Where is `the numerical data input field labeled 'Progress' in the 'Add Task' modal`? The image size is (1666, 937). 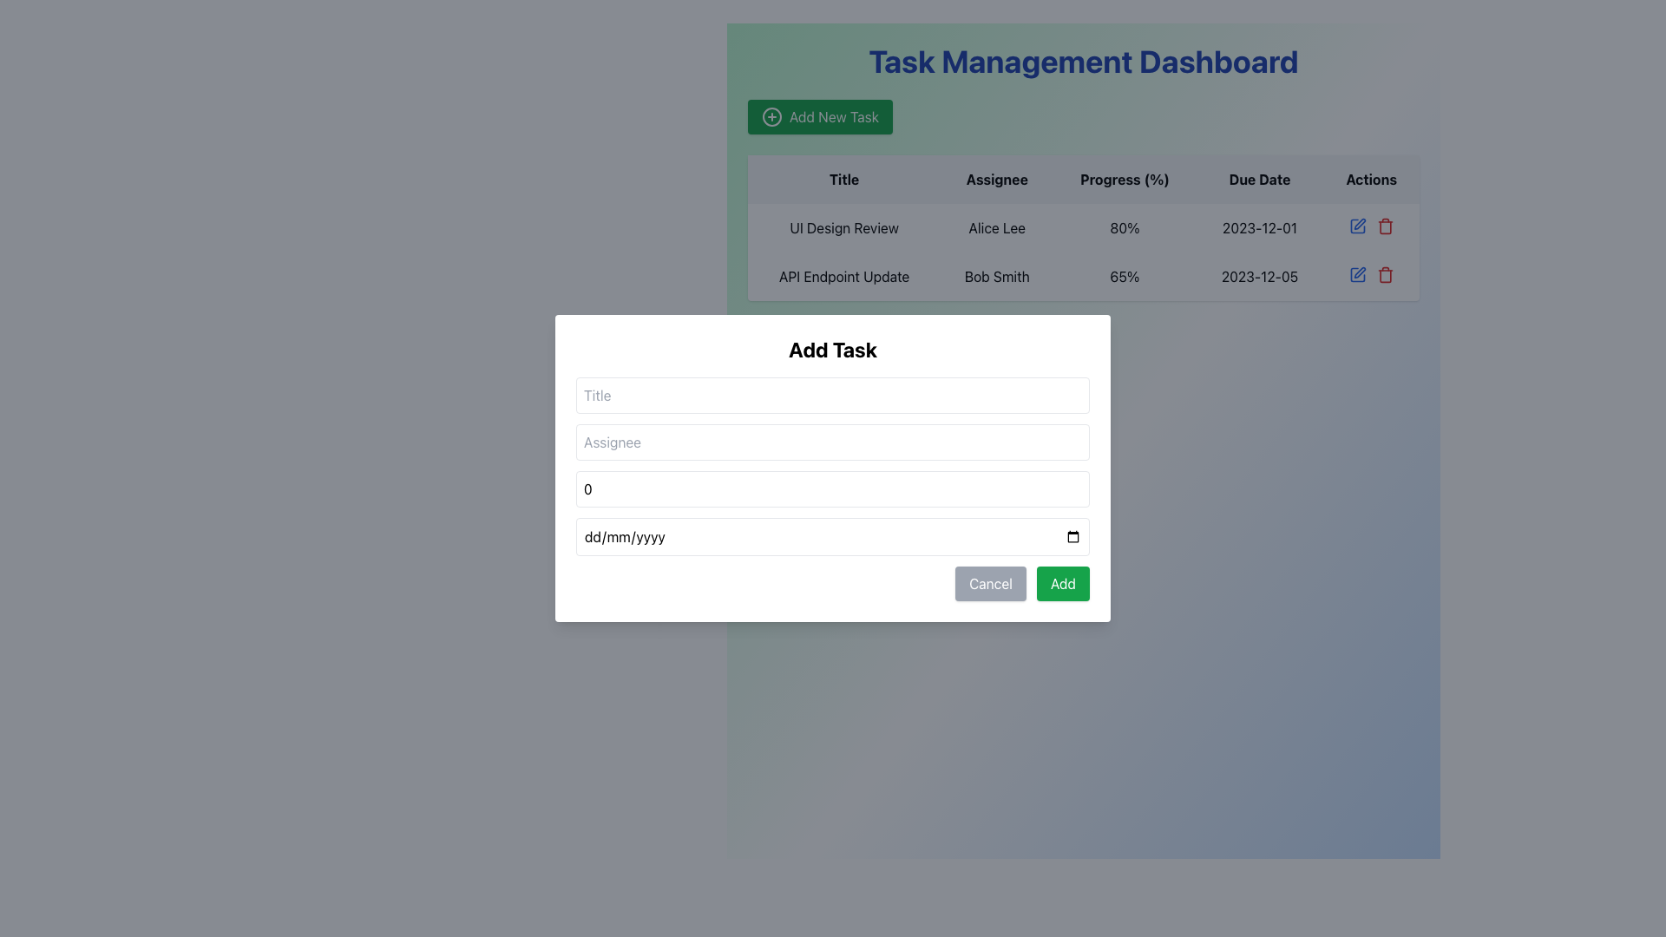 the numerical data input field labeled 'Progress' in the 'Add Task' modal is located at coordinates (833, 488).